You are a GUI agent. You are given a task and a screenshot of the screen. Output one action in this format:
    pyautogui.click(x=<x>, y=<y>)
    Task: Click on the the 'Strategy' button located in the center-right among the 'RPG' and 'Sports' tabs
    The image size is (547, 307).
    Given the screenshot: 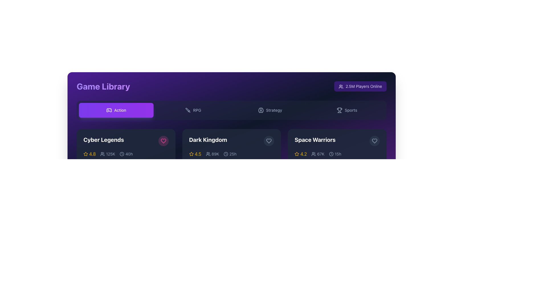 What is the action you would take?
    pyautogui.click(x=270, y=110)
    